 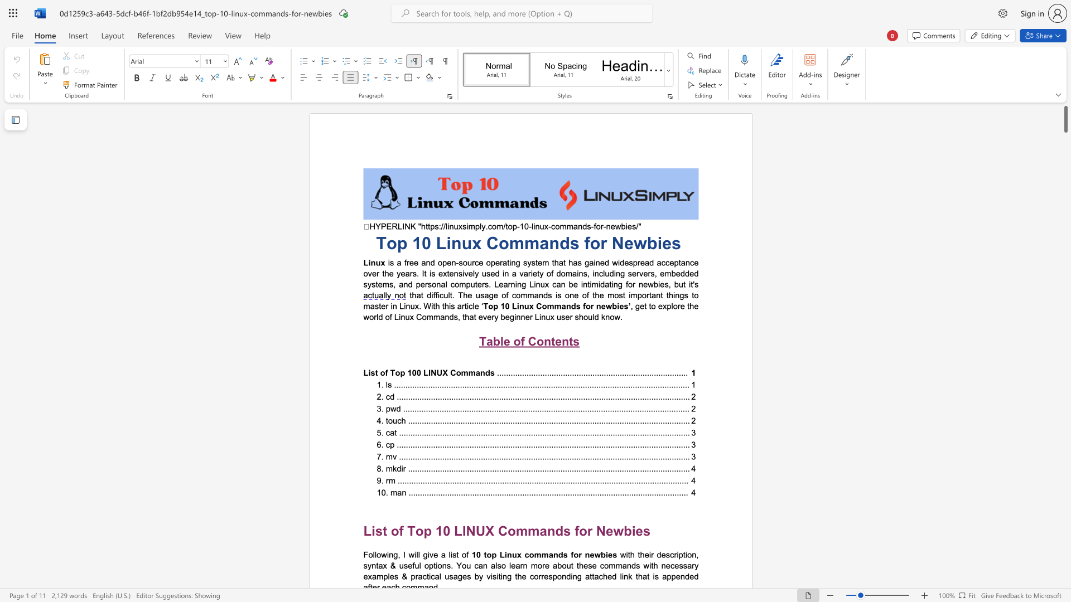 What do you see at coordinates (512, 226) in the screenshot?
I see `the subset text "p-10-linux-commands-for-" within the text "﷟HYPERLINK"` at bounding box center [512, 226].